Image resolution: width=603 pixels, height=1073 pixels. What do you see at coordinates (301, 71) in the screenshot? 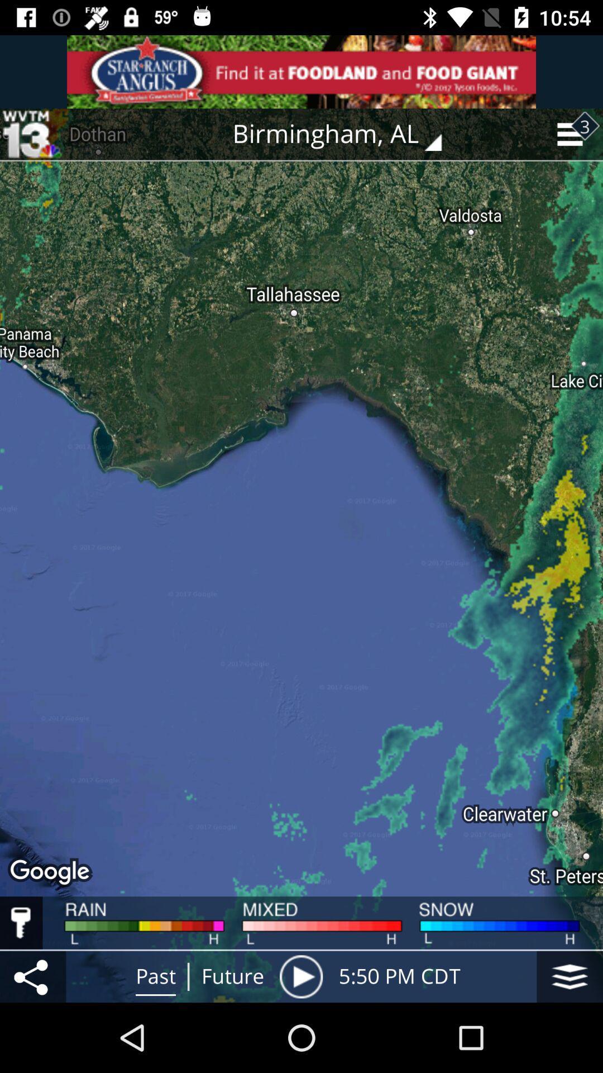
I see `link to star ranch angus` at bounding box center [301, 71].